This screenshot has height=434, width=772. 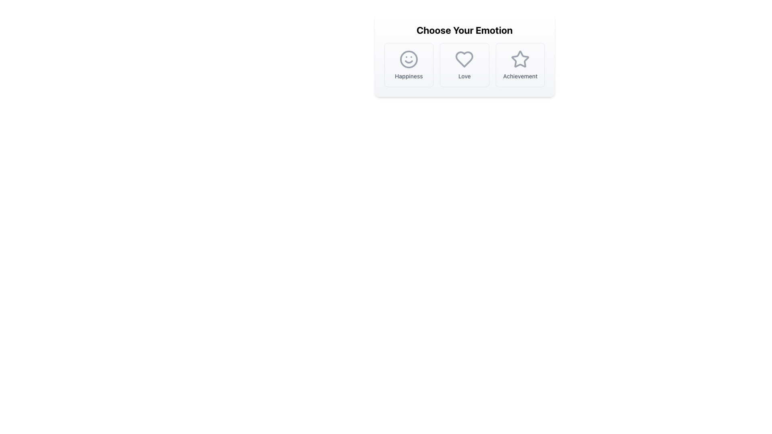 What do you see at coordinates (409, 59) in the screenshot?
I see `the 'Happiness' emotion selection icon, which is the first option in a horizontal list of selectable elements` at bounding box center [409, 59].